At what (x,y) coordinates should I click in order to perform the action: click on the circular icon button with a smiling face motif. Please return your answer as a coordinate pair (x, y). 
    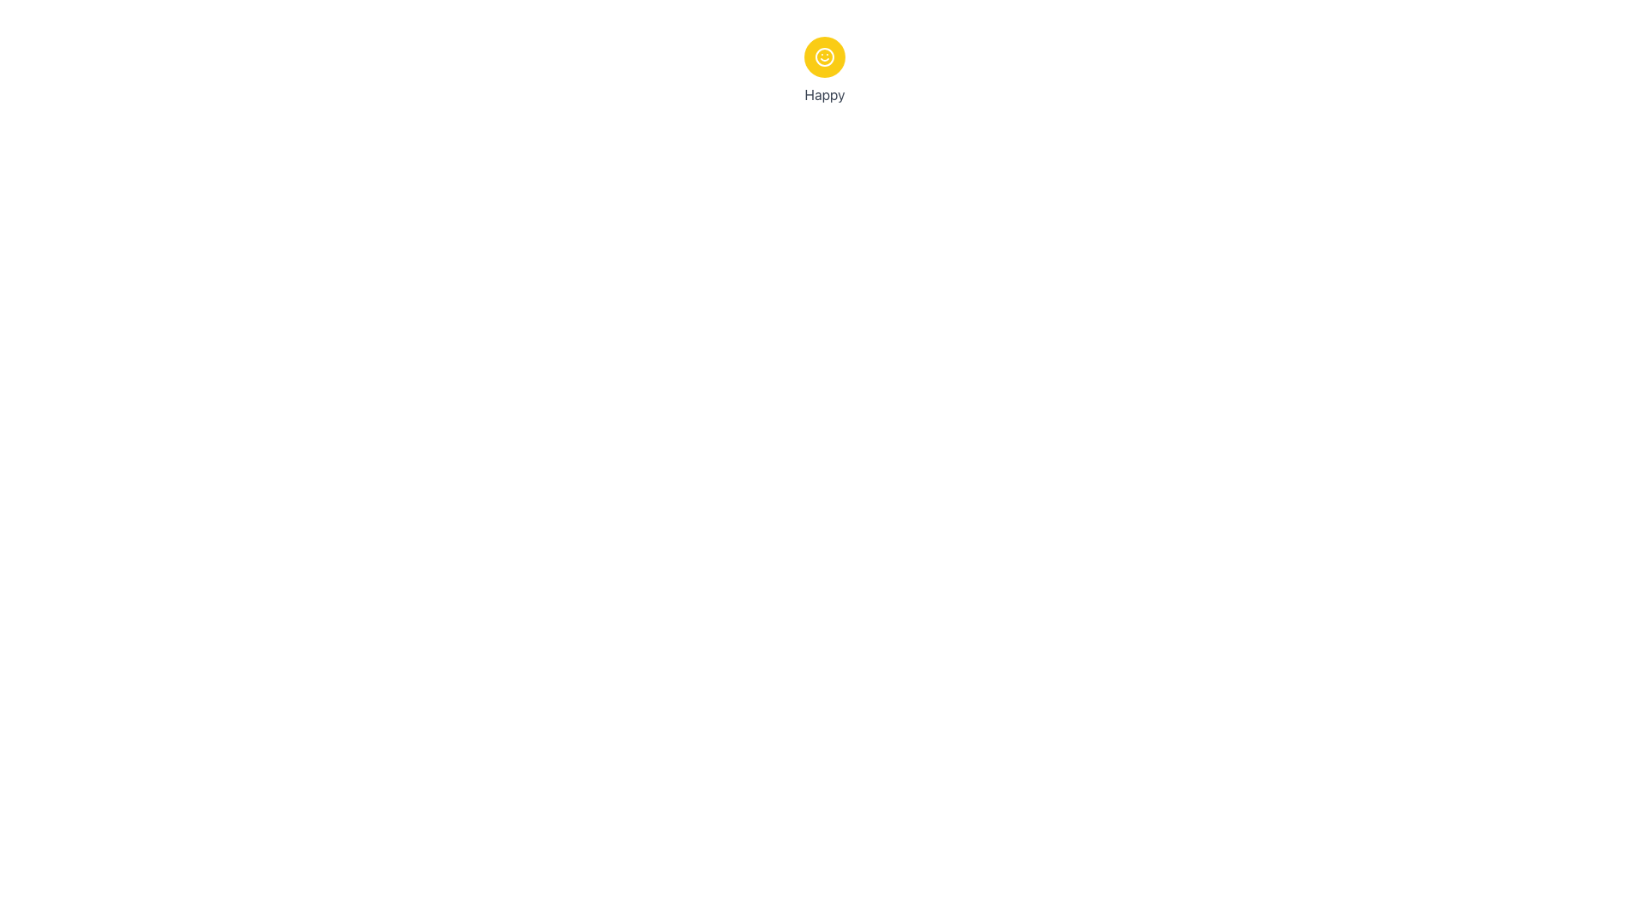
    Looking at the image, I should click on (825, 56).